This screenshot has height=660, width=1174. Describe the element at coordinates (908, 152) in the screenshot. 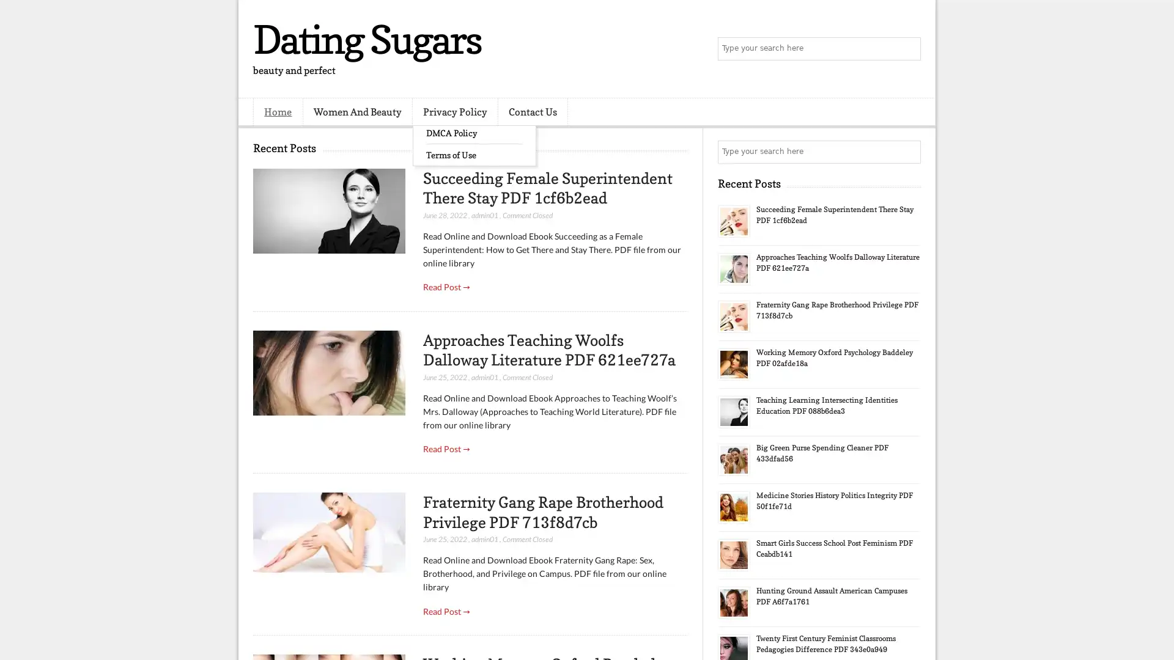

I see `Search` at that location.